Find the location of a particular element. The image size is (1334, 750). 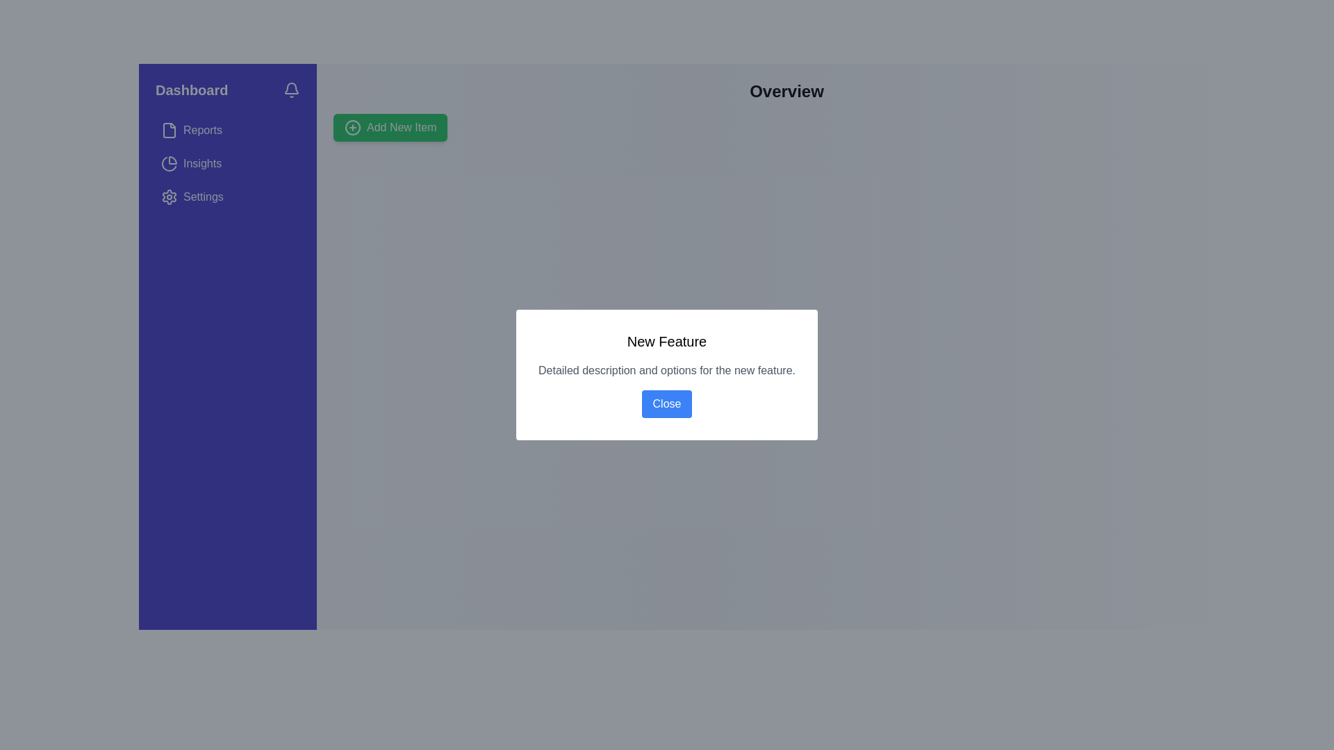

the SVG-based icon for accessing settings located in the sidebar menu, positioned below 'Reports' and aligned with the 'Settings' label is located at coordinates (169, 197).